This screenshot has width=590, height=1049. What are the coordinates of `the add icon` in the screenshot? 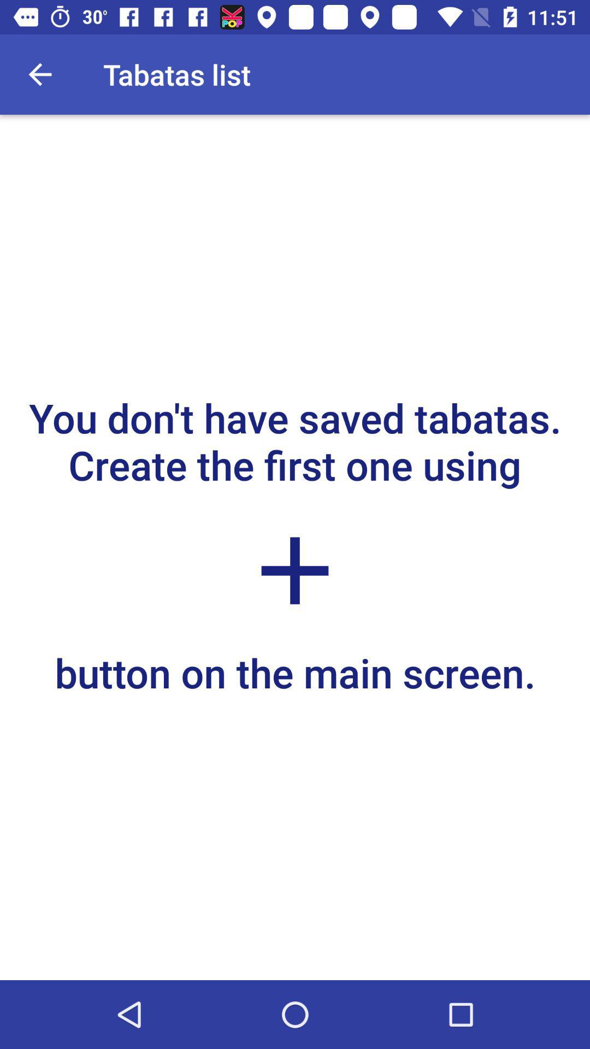 It's located at (295, 570).